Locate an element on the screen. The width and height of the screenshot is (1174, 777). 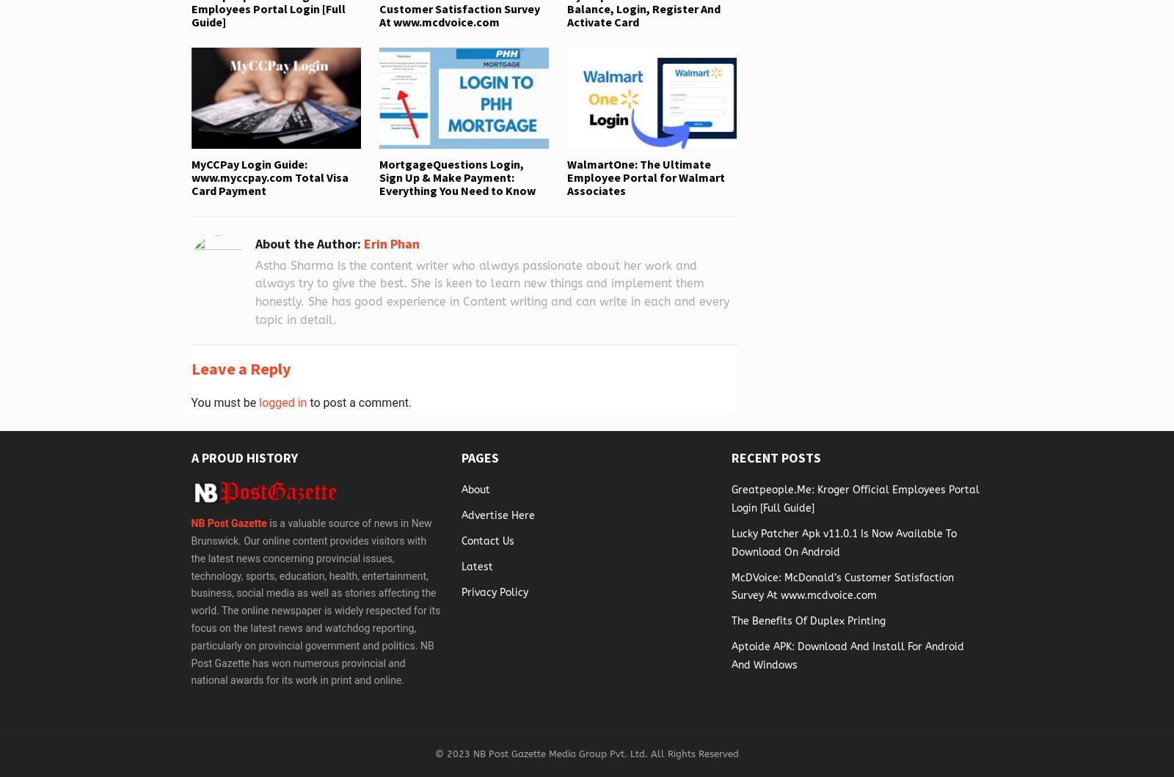
'Leave a Reply' is located at coordinates (191, 367).